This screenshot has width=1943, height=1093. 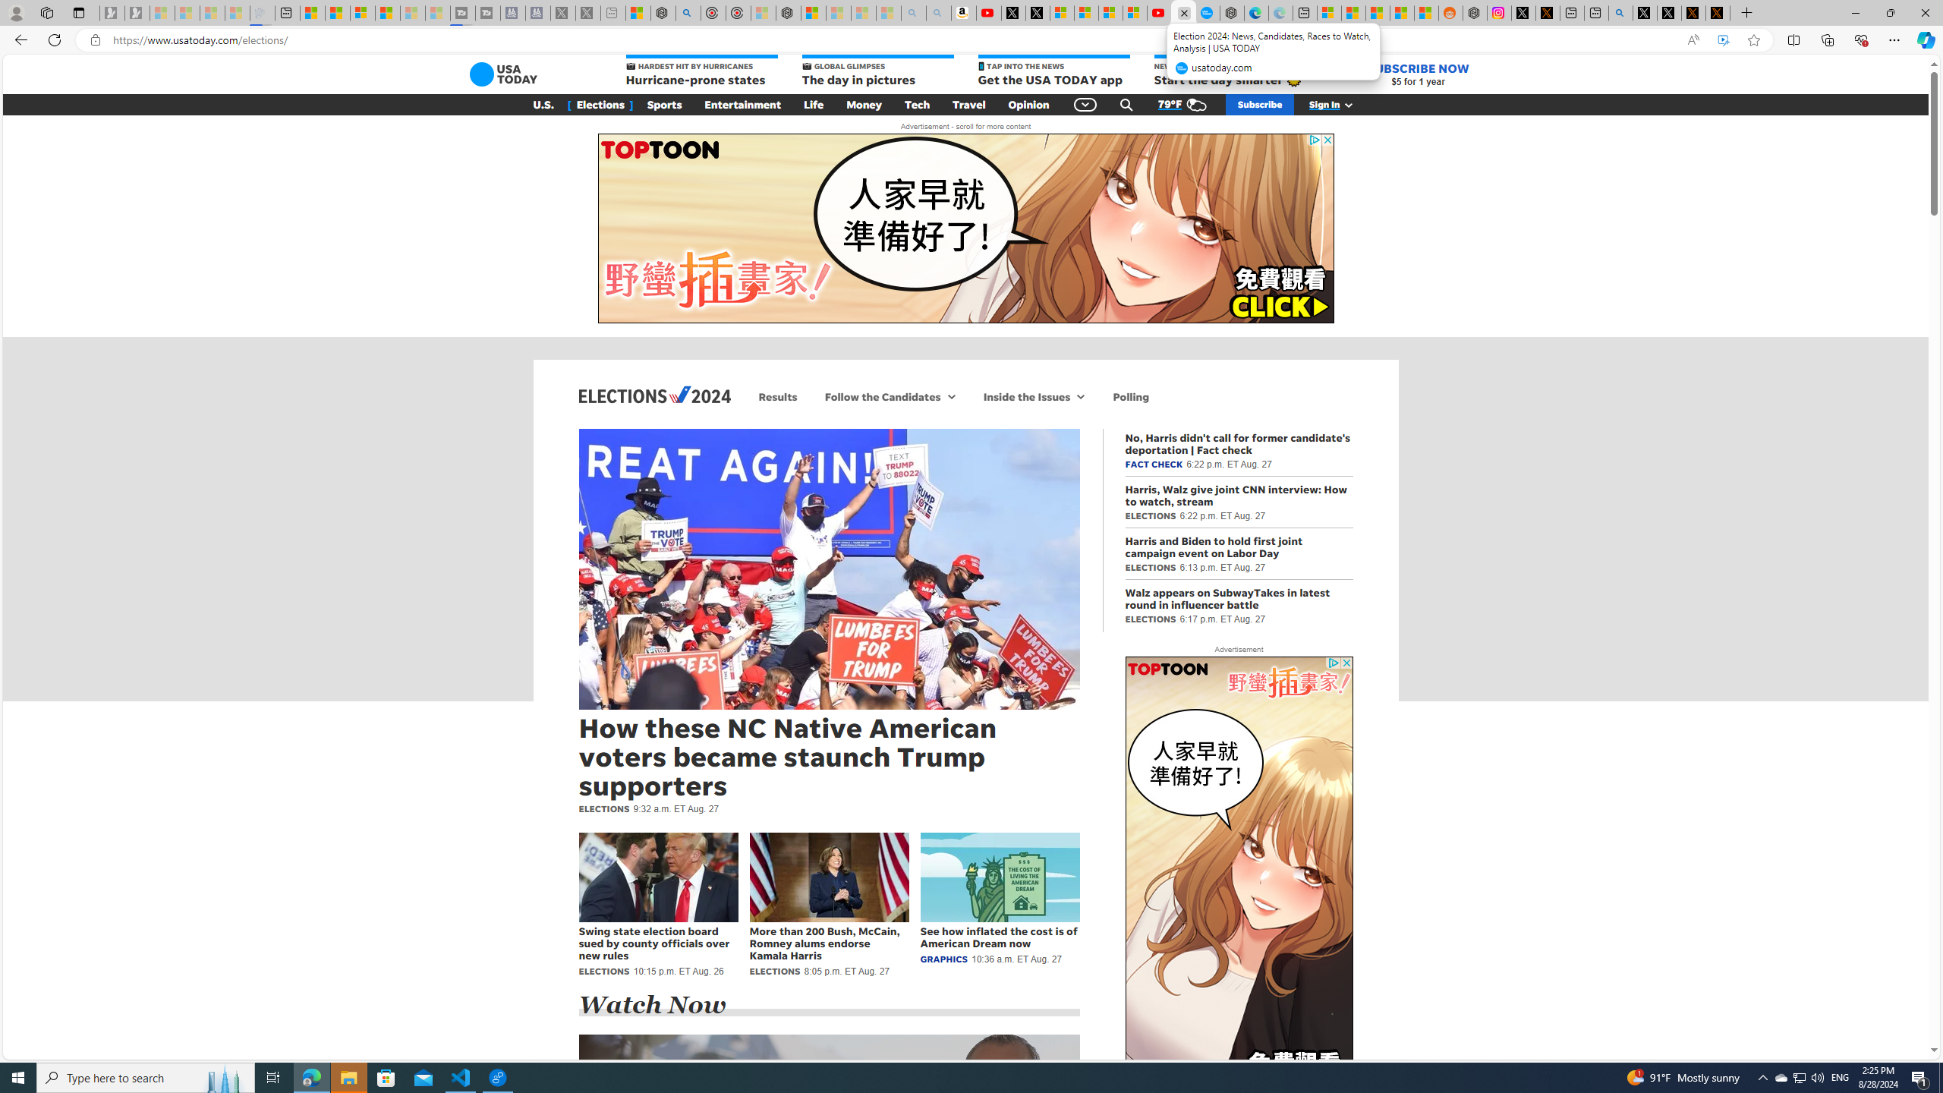 What do you see at coordinates (950, 395) in the screenshot?
I see `'More Follow the Candidates navigation'` at bounding box center [950, 395].